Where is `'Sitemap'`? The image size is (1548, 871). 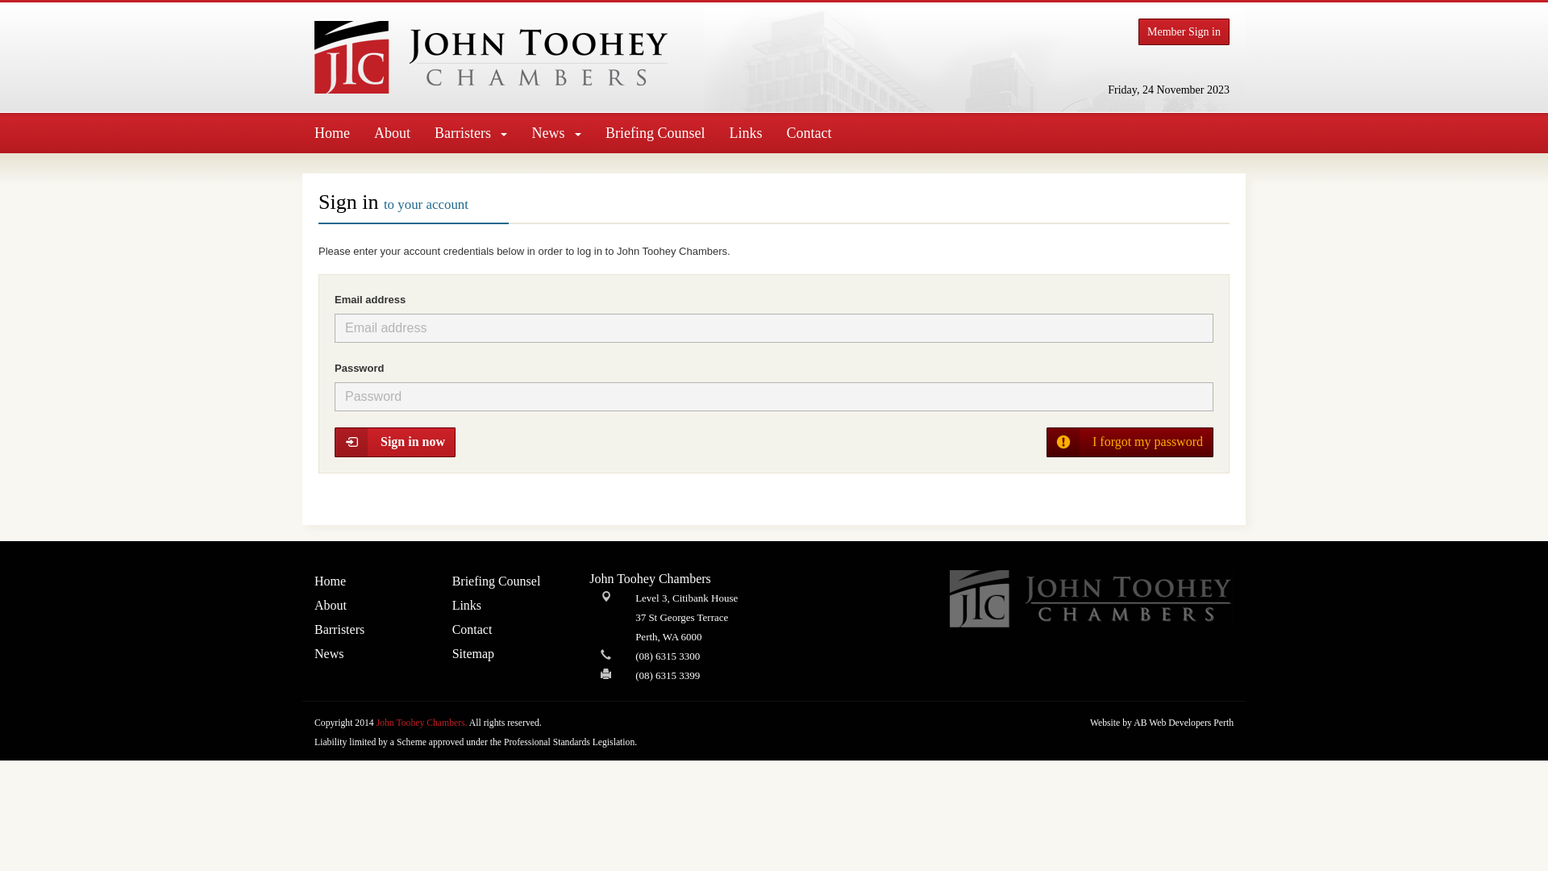
'Sitemap' is located at coordinates (508, 653).